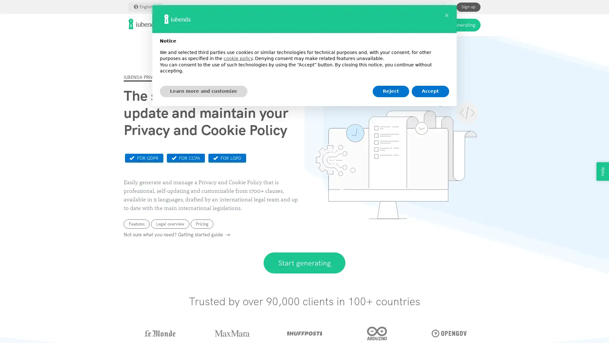  What do you see at coordinates (390, 91) in the screenshot?
I see `Reject` at bounding box center [390, 91].